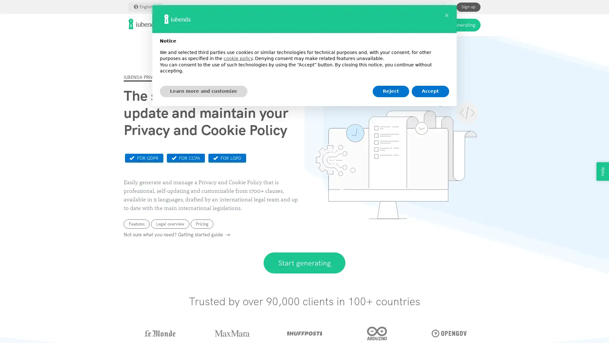  What do you see at coordinates (390, 91) in the screenshot?
I see `Reject` at bounding box center [390, 91].